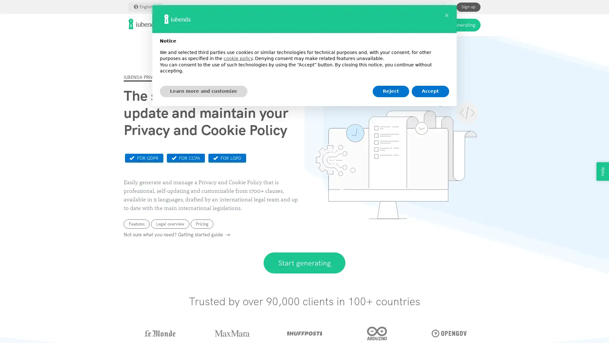  What do you see at coordinates (390, 91) in the screenshot?
I see `Reject` at bounding box center [390, 91].